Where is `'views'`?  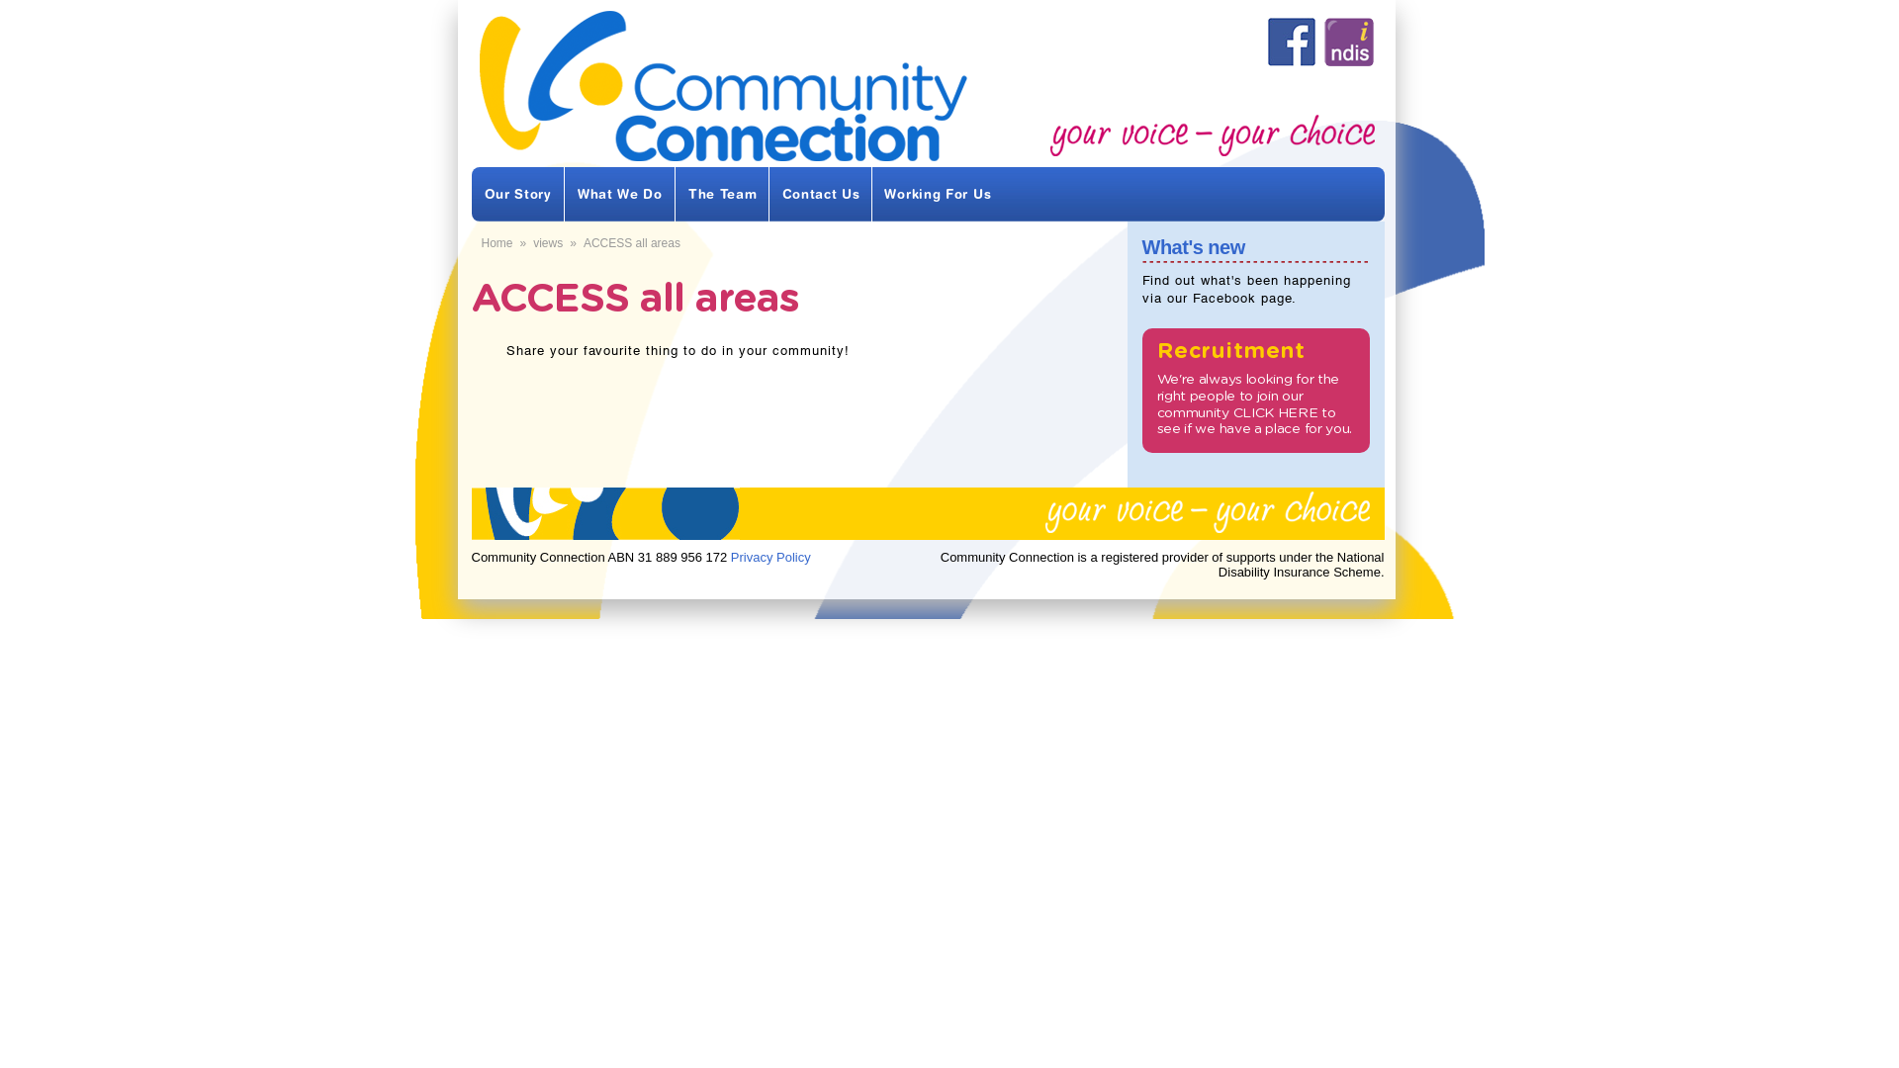 'views' is located at coordinates (532, 242).